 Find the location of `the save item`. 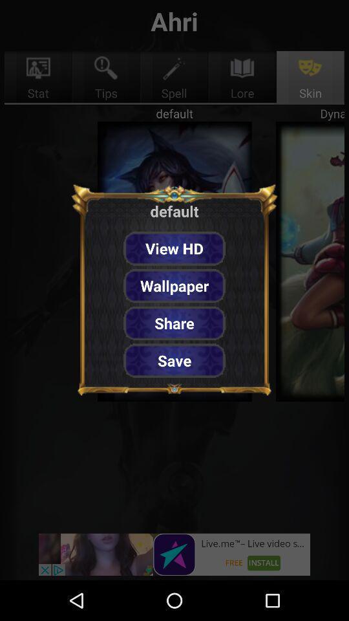

the save item is located at coordinates (174, 360).